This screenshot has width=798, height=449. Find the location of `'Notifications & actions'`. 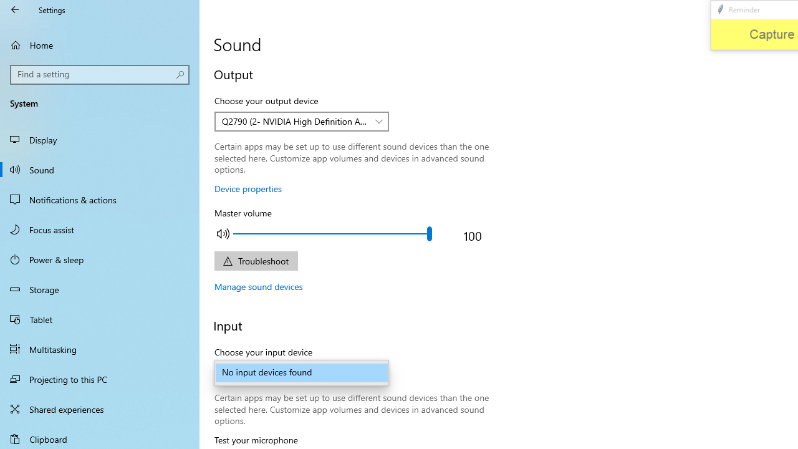

'Notifications & actions' is located at coordinates (100, 199).